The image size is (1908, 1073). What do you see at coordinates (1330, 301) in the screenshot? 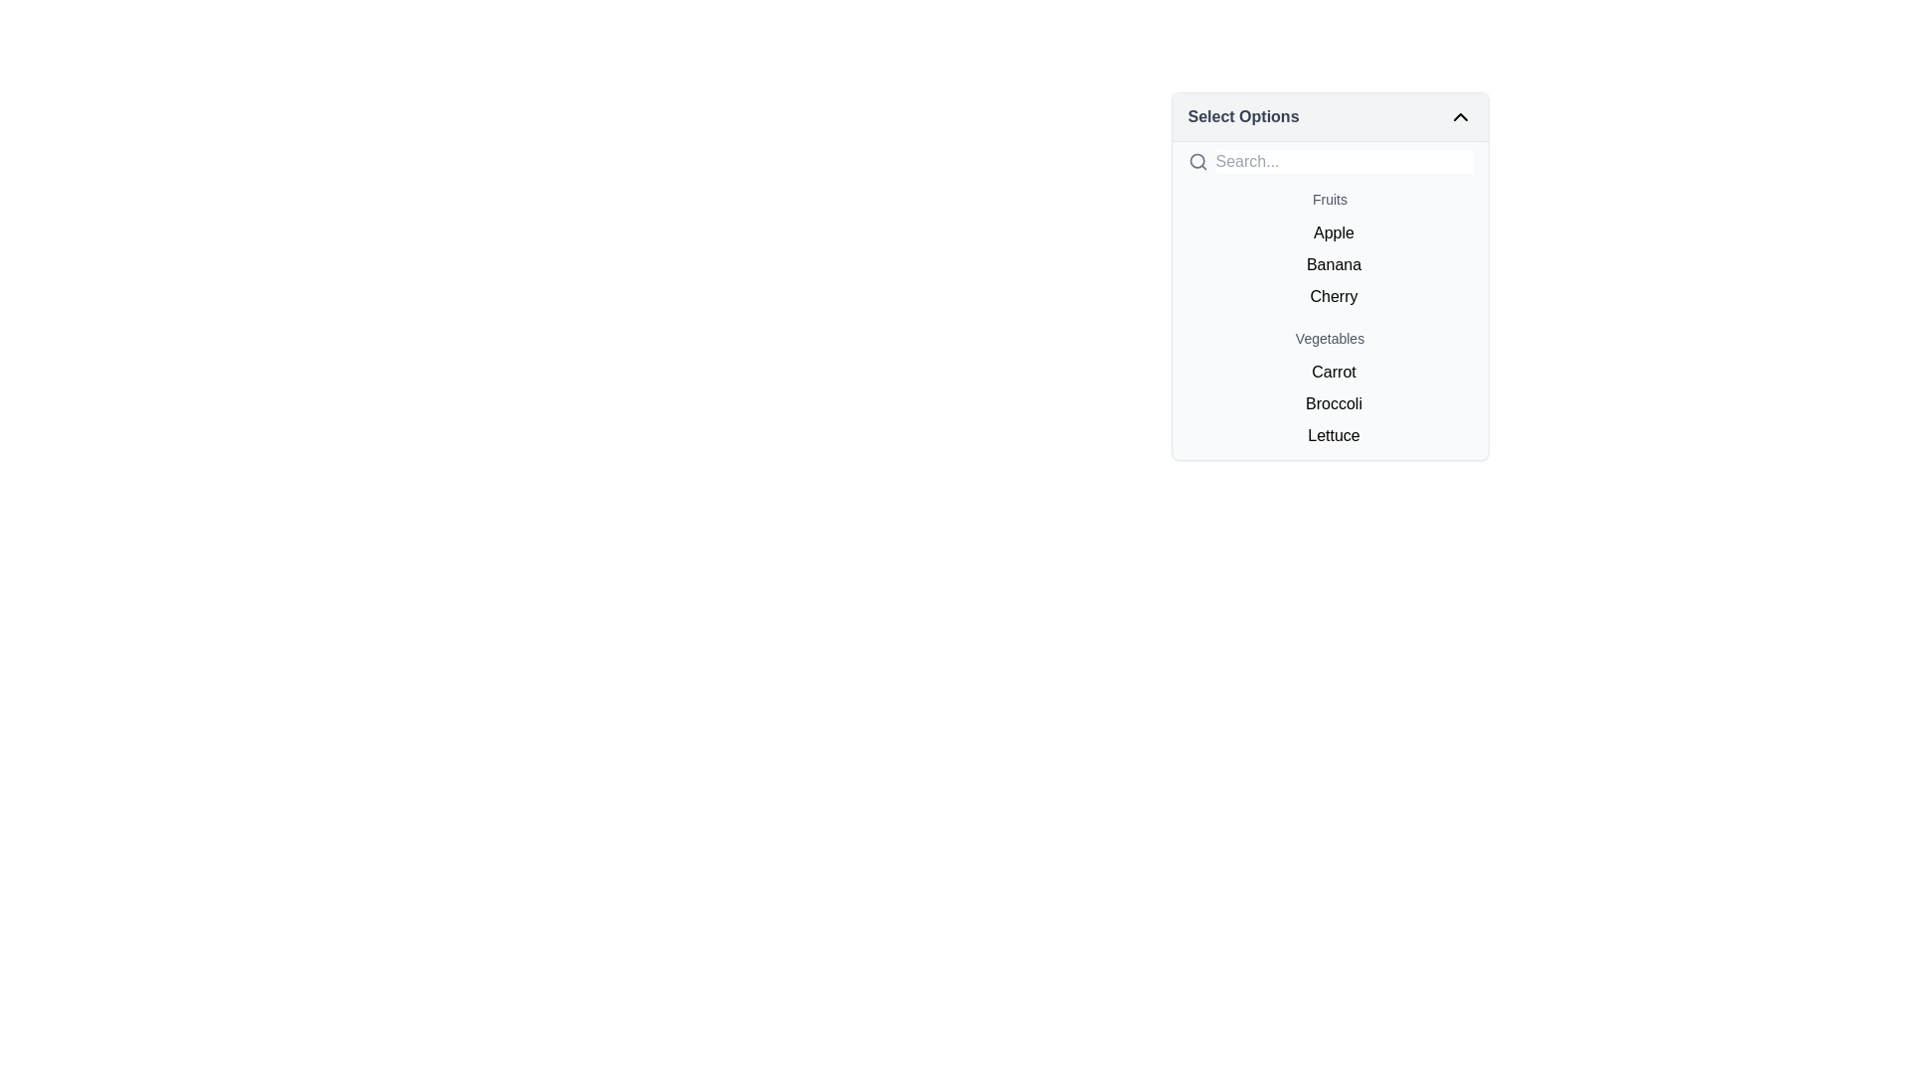
I see `the text-based selectable item labeled 'Cherry' located as the third item under the 'Fruits' section` at bounding box center [1330, 301].